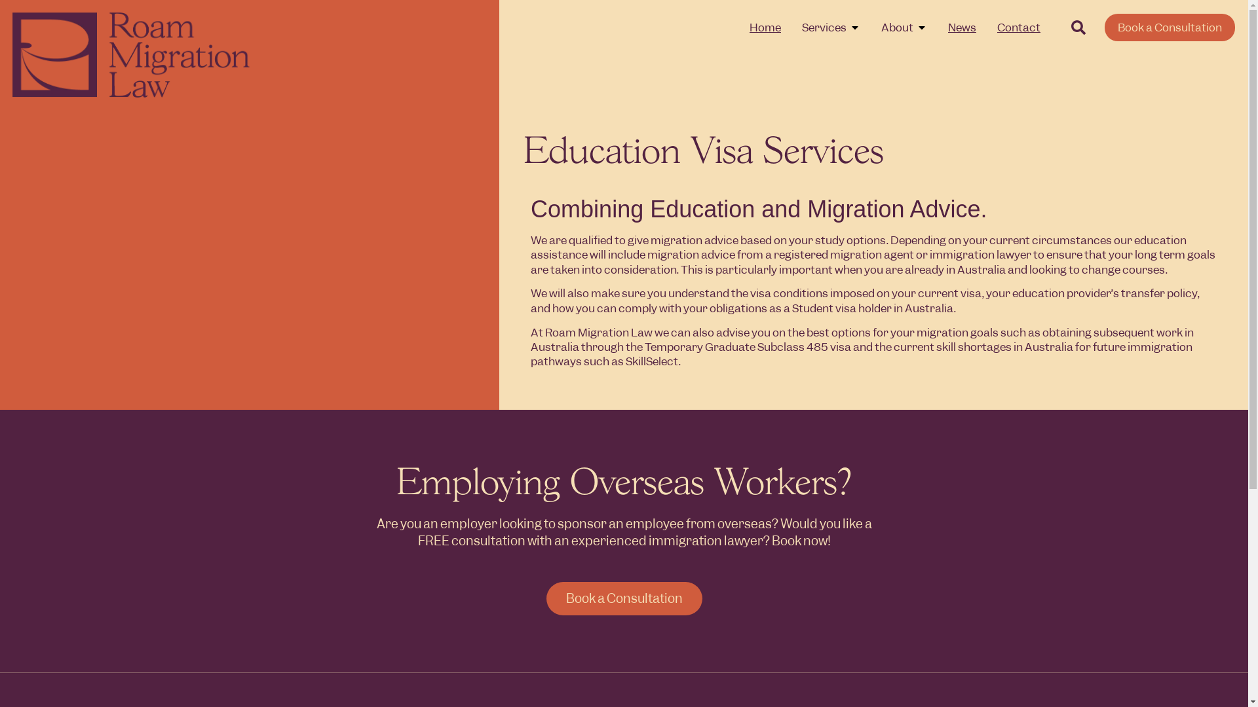  I want to click on 'Home', so click(749, 27).